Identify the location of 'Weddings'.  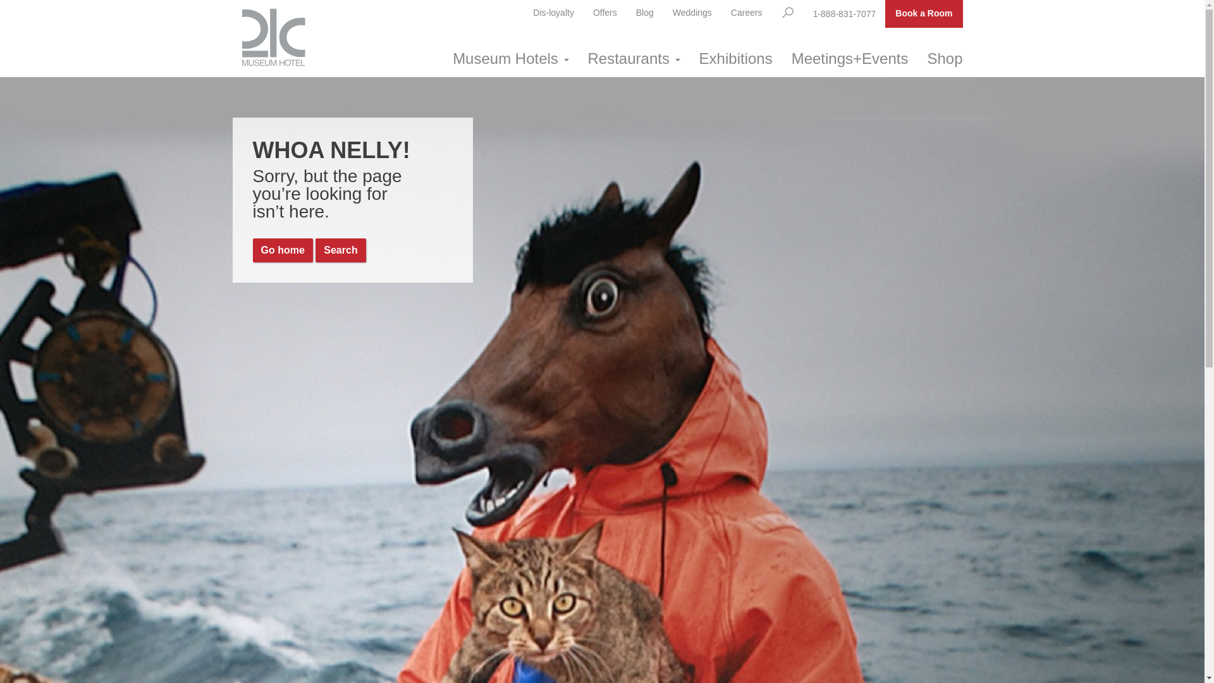
(663, 13).